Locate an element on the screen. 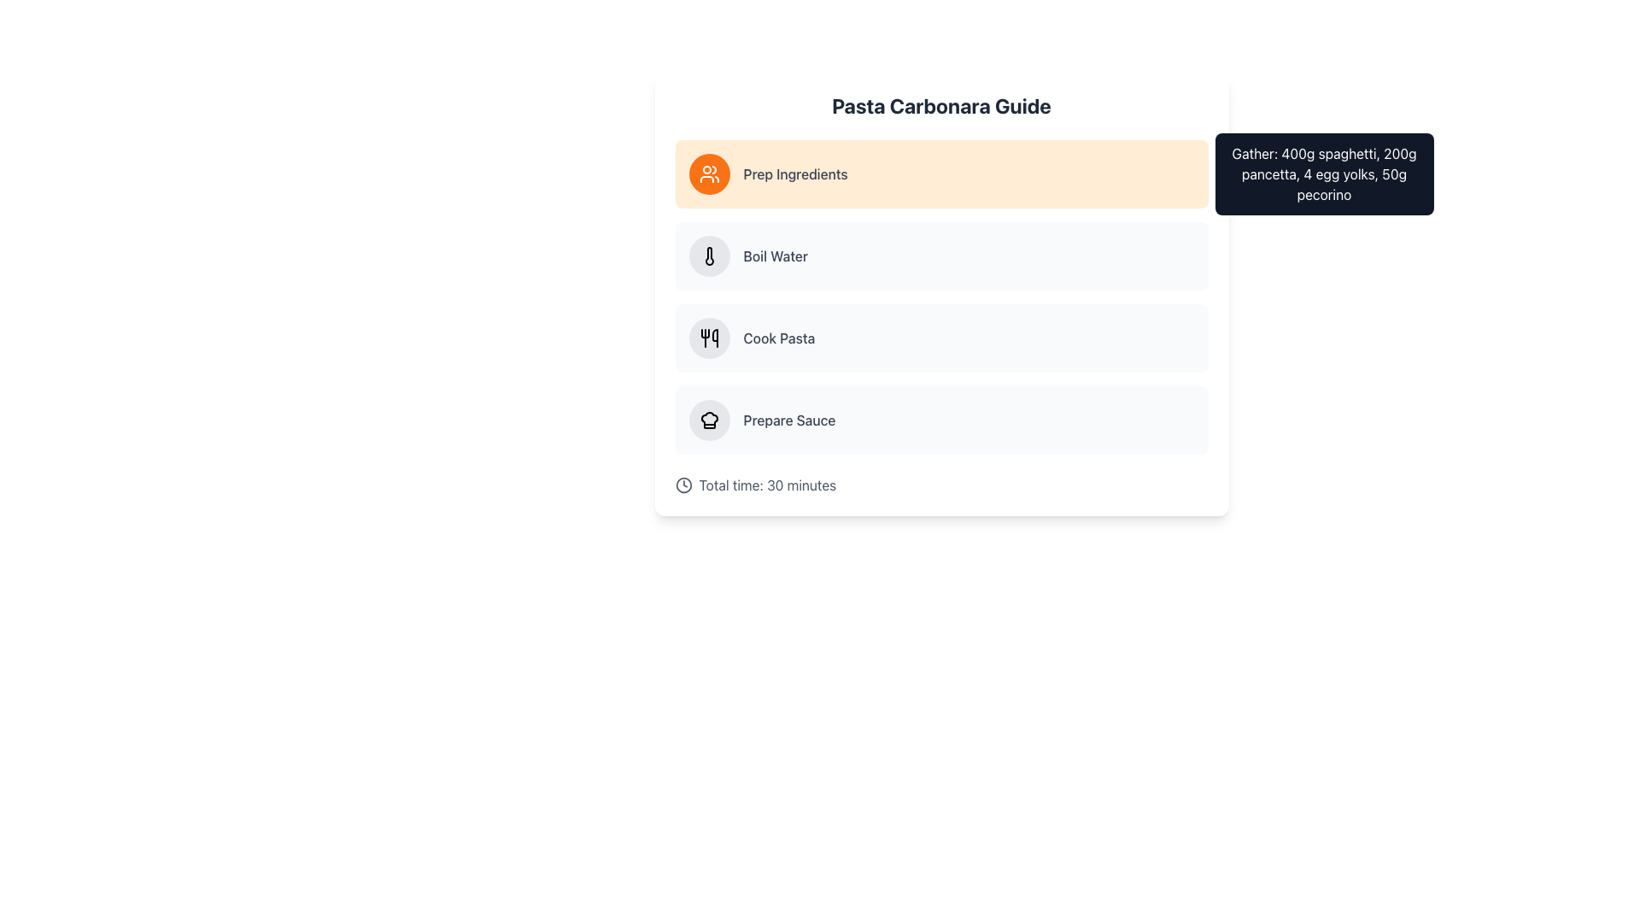  the circular icon with a gray background and a chef's hat illustration, located to the left of the 'Prepare Sauce' list item in the task list is located at coordinates (709, 420).